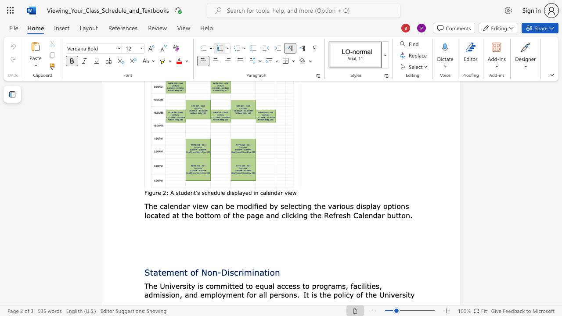  Describe the element at coordinates (396, 215) in the screenshot. I see `the 7th character "t" in the text` at that location.